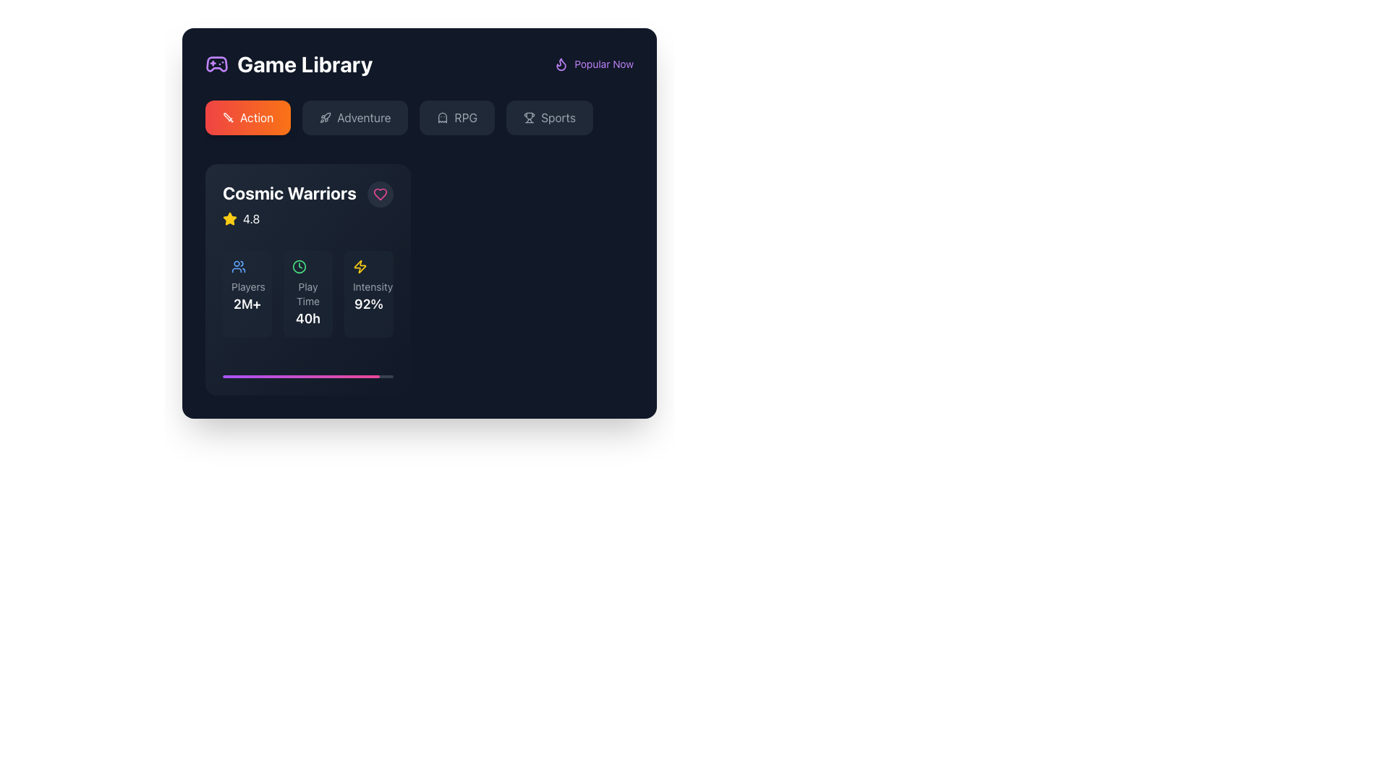 Image resolution: width=1389 pixels, height=781 pixels. I want to click on the Progress Bar located at the bottom of the 'Cosmic Warriors' card, which visually indicates progress, so click(307, 375).